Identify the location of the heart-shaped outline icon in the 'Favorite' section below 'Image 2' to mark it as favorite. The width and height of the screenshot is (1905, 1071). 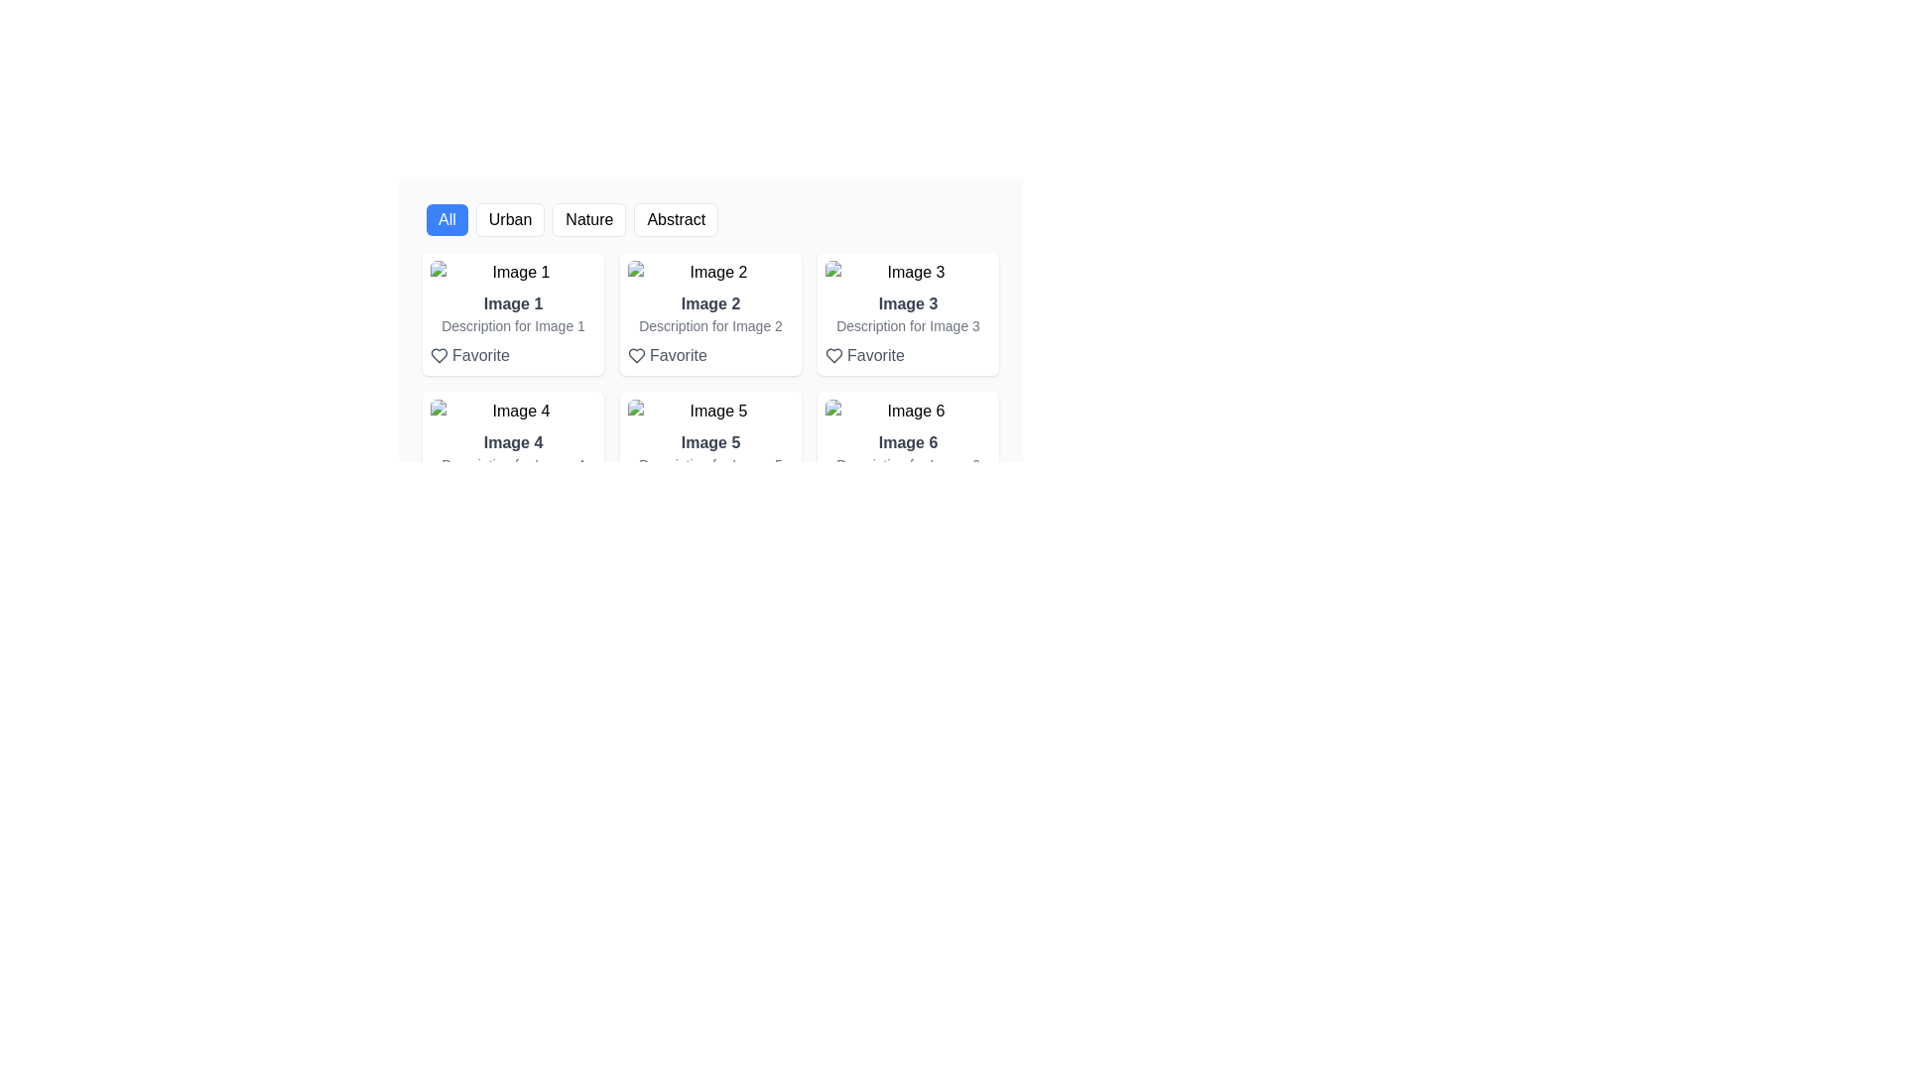
(637, 354).